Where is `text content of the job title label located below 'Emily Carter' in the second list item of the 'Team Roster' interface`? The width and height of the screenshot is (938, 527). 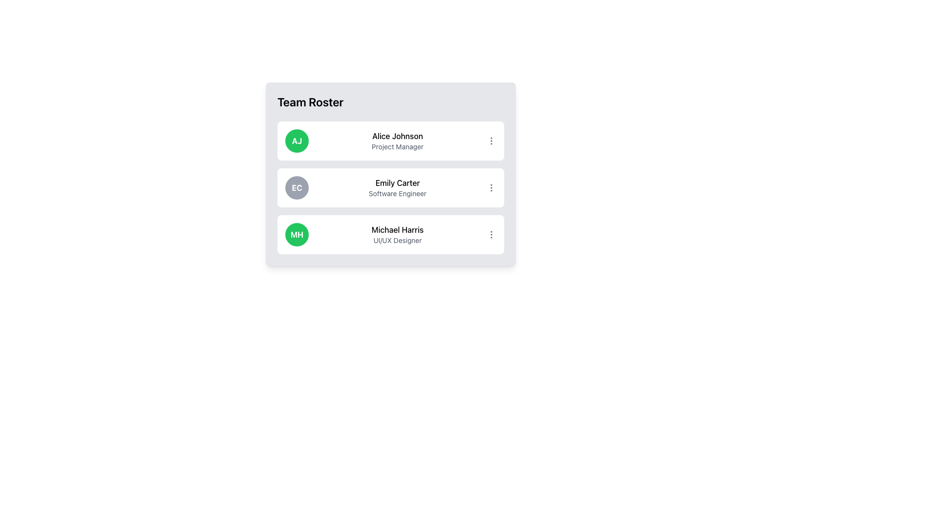 text content of the job title label located below 'Emily Carter' in the second list item of the 'Team Roster' interface is located at coordinates (398, 194).